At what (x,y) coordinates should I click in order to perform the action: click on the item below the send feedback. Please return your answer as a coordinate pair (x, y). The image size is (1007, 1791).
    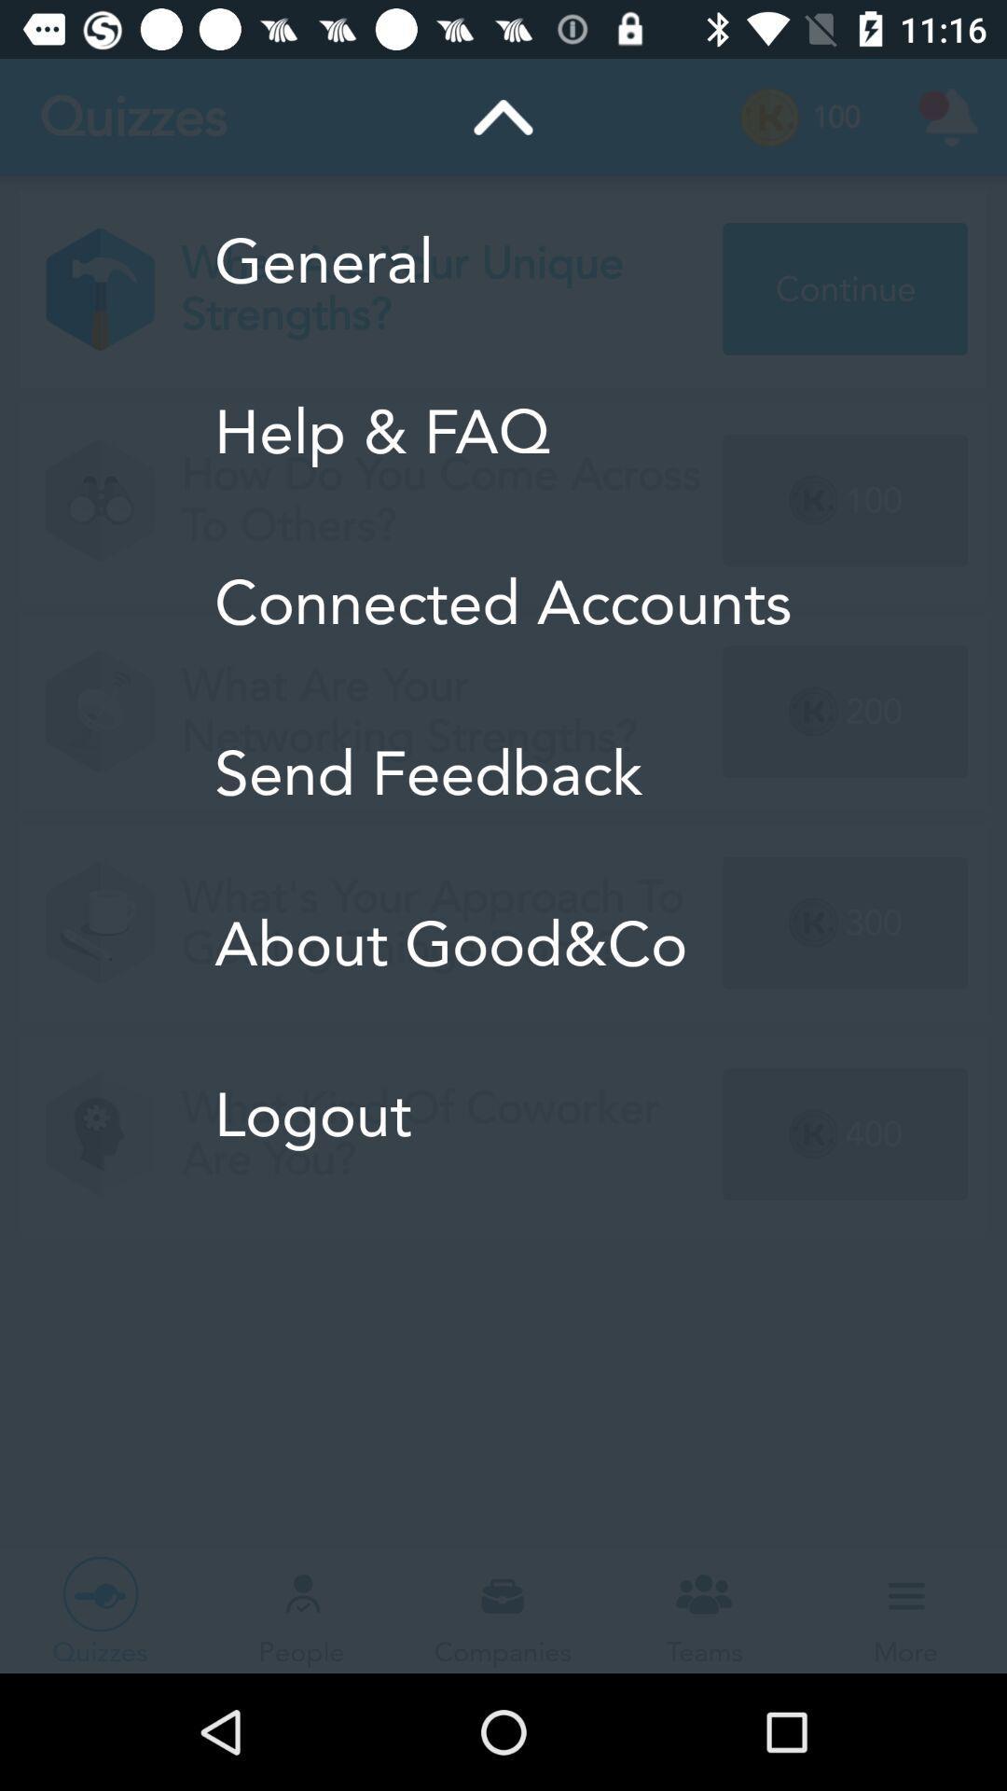
    Looking at the image, I should click on (502, 944).